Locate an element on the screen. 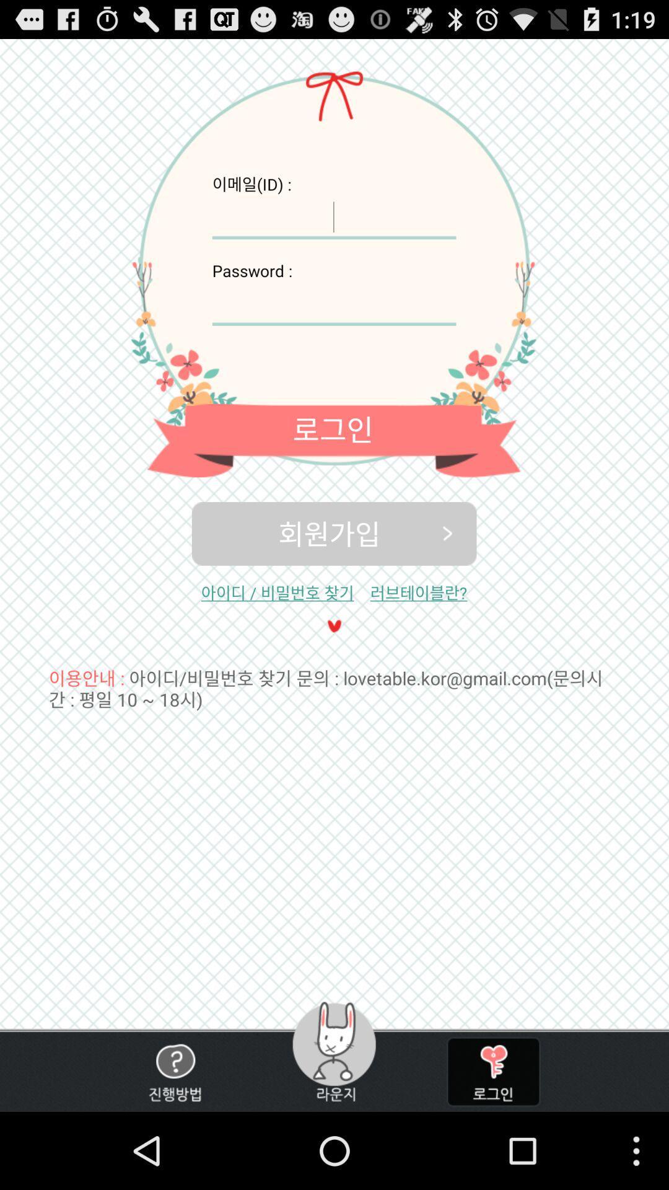 Image resolution: width=669 pixels, height=1190 pixels. password is located at coordinates (333, 304).